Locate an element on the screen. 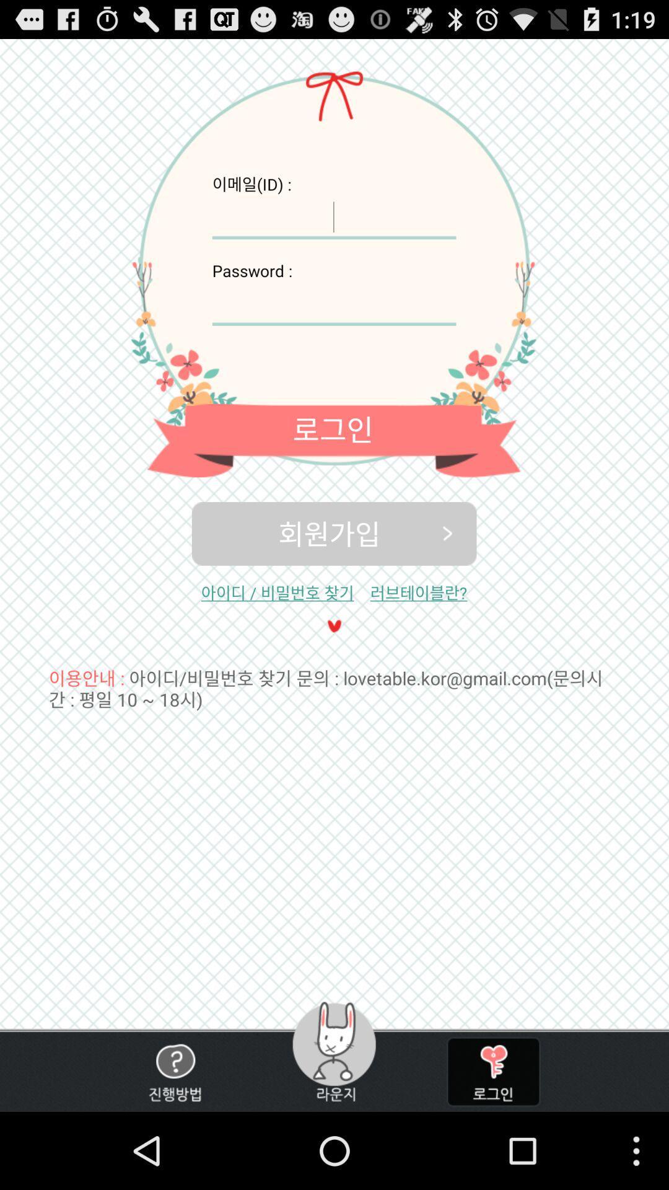 Image resolution: width=669 pixels, height=1190 pixels. password is located at coordinates (333, 304).